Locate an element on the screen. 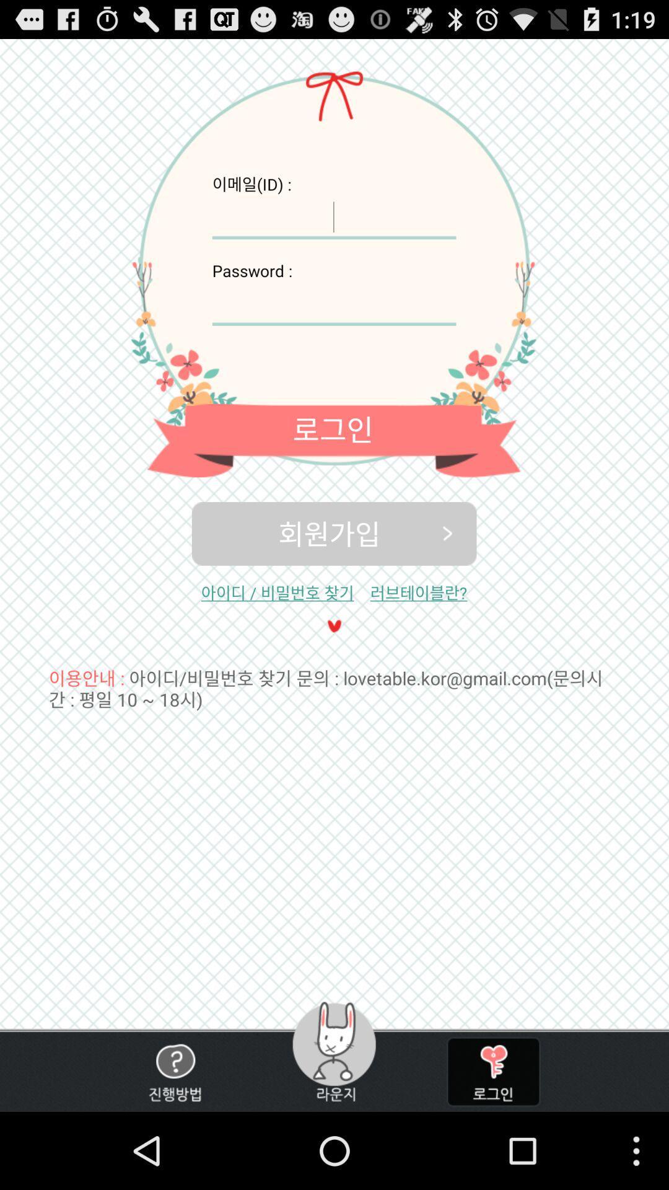 Image resolution: width=669 pixels, height=1190 pixels. password is located at coordinates (333, 304).